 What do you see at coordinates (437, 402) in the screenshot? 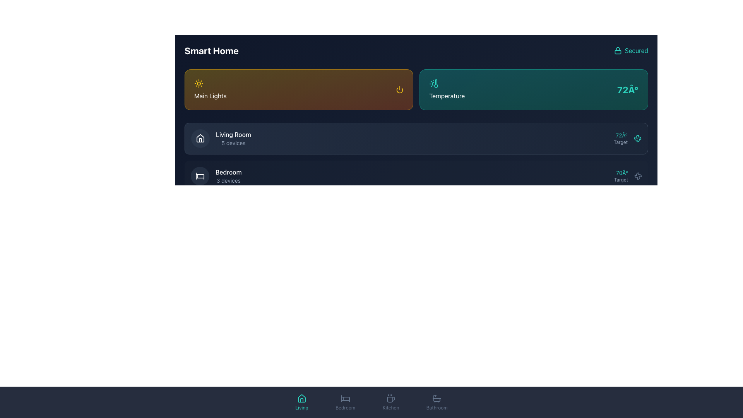
I see `the navigation button located at the rightmost side of the bottom navigation bar` at bounding box center [437, 402].